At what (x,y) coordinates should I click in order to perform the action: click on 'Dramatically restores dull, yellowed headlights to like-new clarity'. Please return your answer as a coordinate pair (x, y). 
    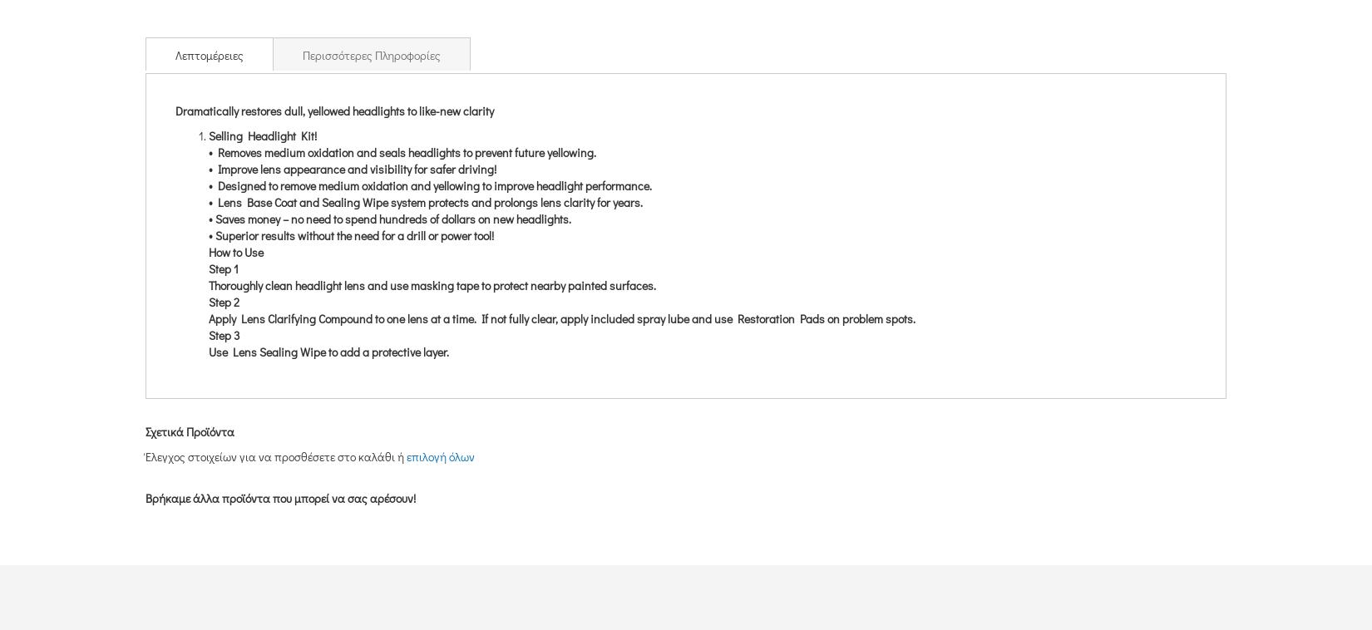
    Looking at the image, I should click on (334, 109).